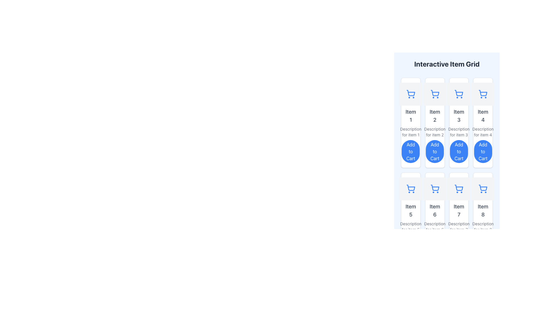  I want to click on the description text for 'Item 6' located between the title and 'Add to Cart' button on the sixth item card in the product display grid, so click(435, 226).